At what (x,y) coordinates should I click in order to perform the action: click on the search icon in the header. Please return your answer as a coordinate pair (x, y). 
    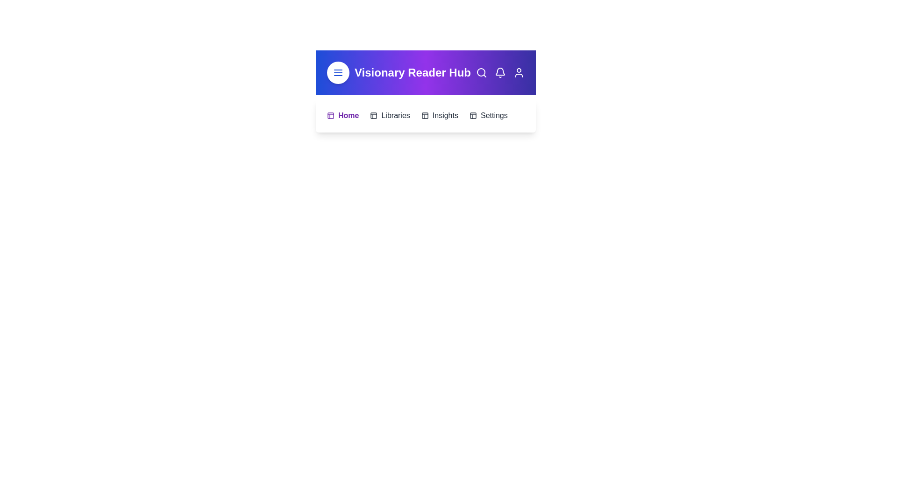
    Looking at the image, I should click on (482, 72).